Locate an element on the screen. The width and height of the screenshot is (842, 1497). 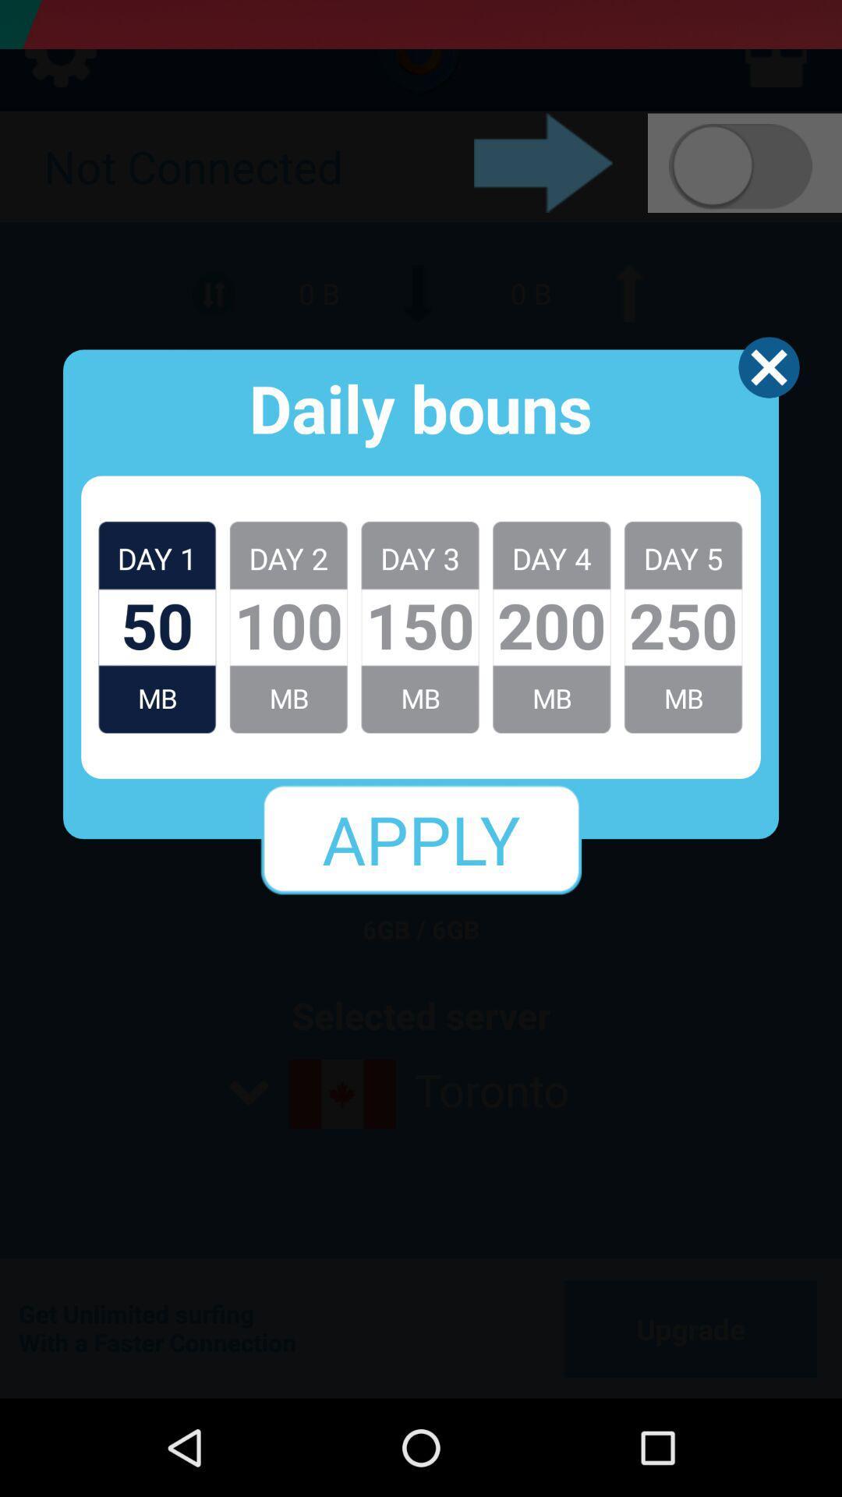
apply icon is located at coordinates (421, 838).